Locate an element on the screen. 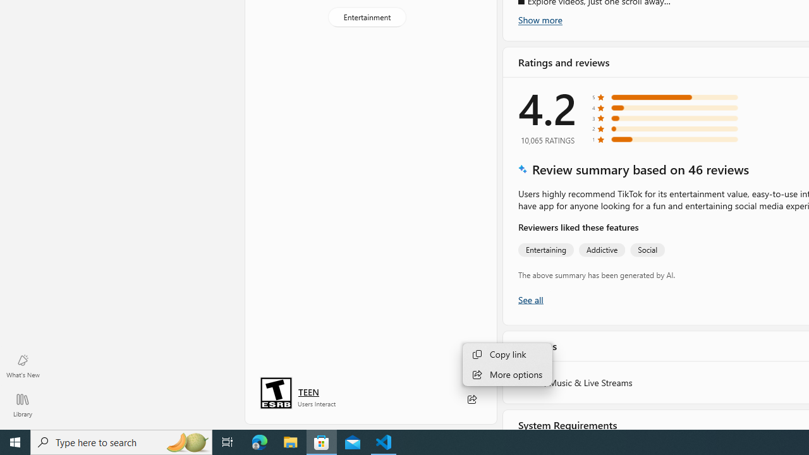 The width and height of the screenshot is (809, 455). 'Show all ratings and reviews' is located at coordinates (530, 299).